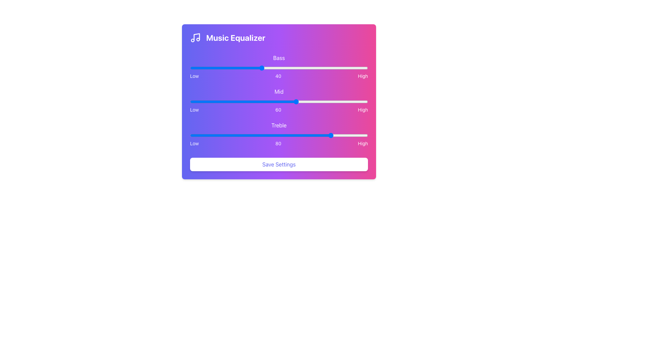 The image size is (647, 364). Describe the element at coordinates (279, 125) in the screenshot. I see `the static text label displaying 'Treble', which is positioned above the 'Low80High' labels and slider, and below the 'Mid' slider in the sound equalizer settings layout` at that location.